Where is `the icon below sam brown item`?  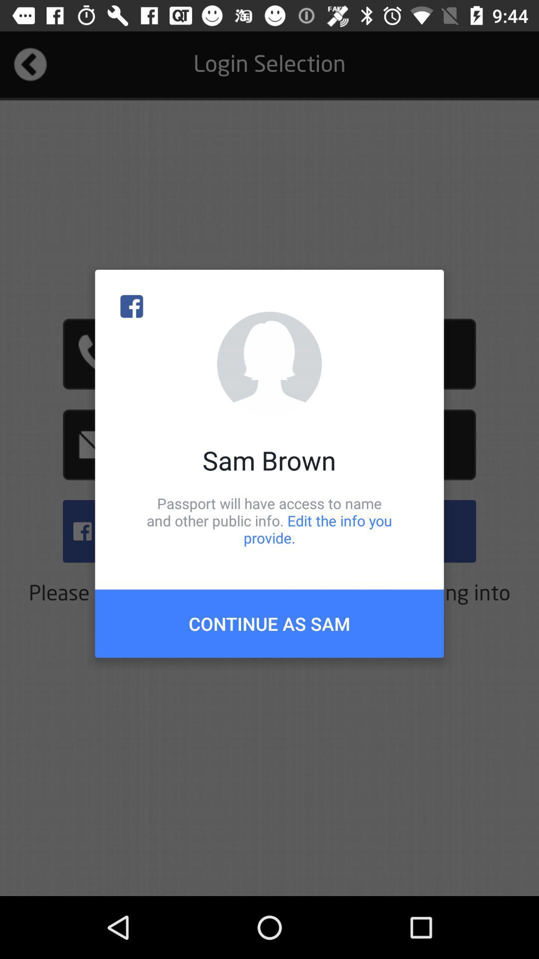 the icon below sam brown item is located at coordinates (269, 520).